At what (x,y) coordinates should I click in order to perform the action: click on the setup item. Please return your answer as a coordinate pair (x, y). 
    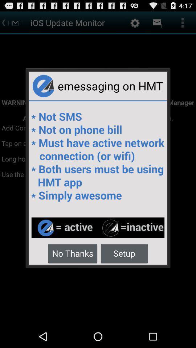
    Looking at the image, I should click on (124, 253).